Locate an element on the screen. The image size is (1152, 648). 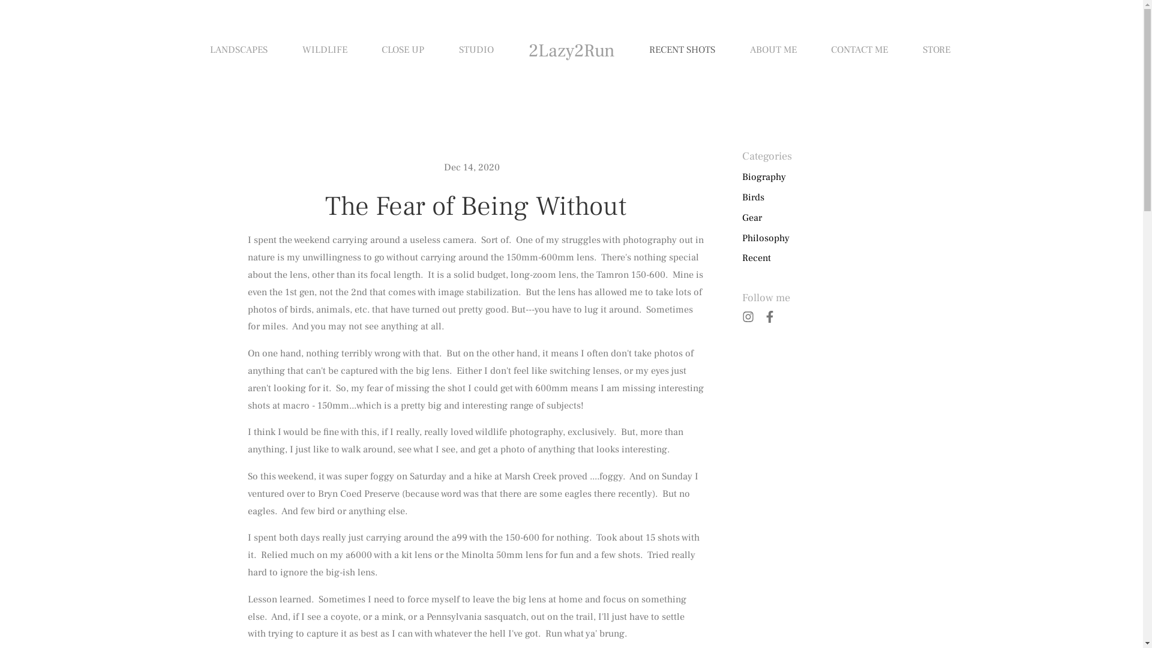
'Philosophy' is located at coordinates (764, 238).